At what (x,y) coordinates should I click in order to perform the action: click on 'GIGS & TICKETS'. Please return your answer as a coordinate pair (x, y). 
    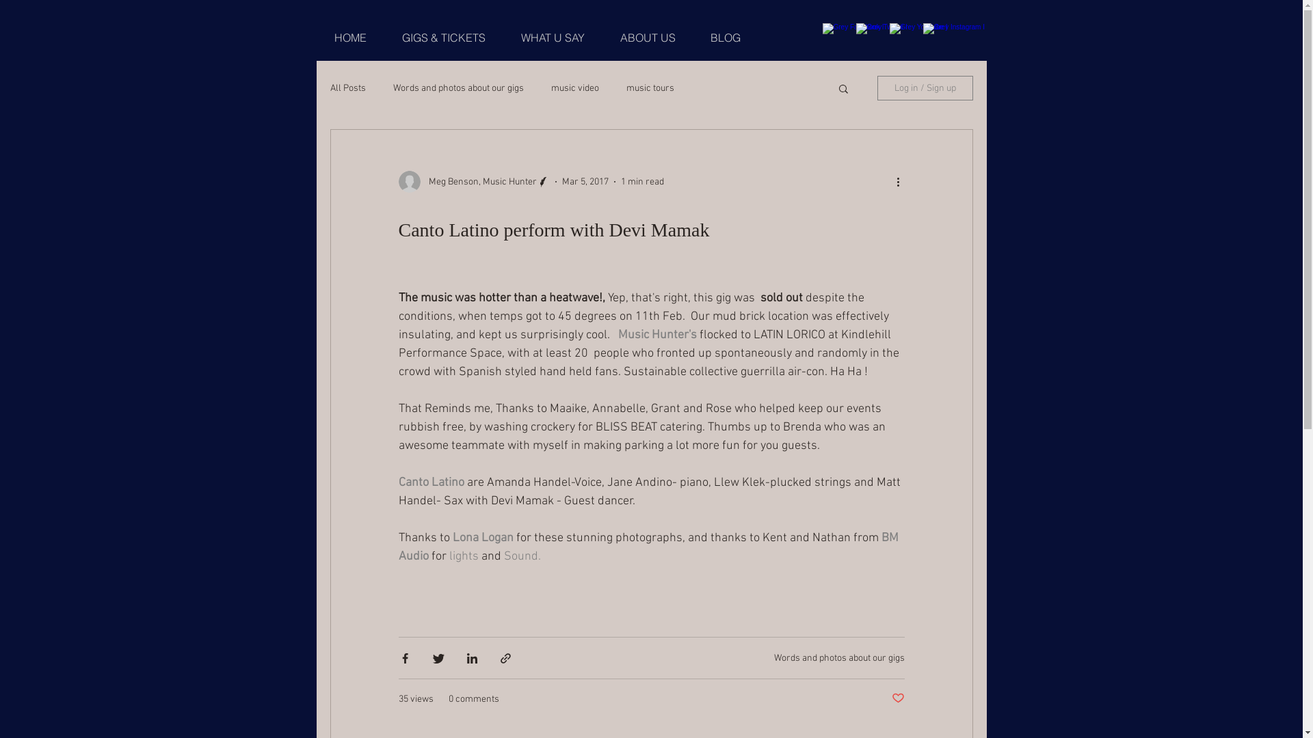
    Looking at the image, I should click on (443, 37).